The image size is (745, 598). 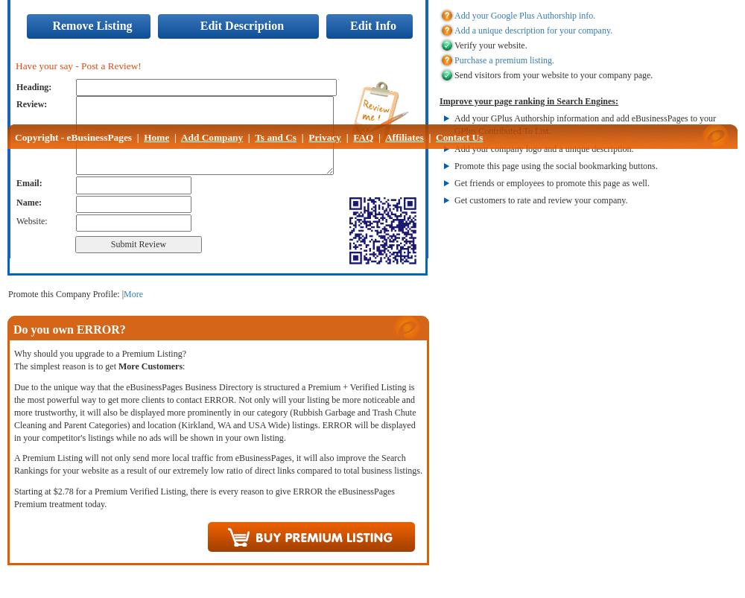 I want to click on 'Get customers to rate and review your company.', so click(x=540, y=198).